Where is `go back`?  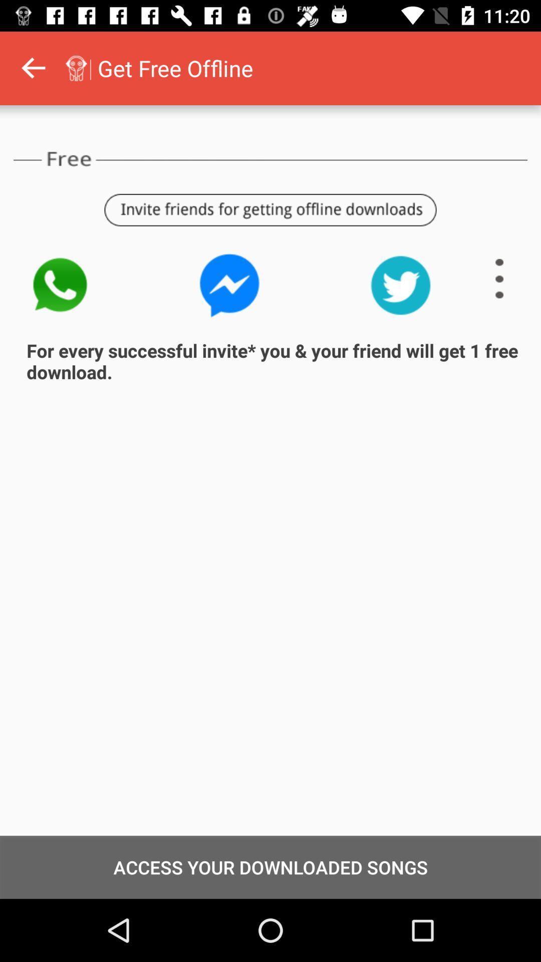
go back is located at coordinates (33, 67).